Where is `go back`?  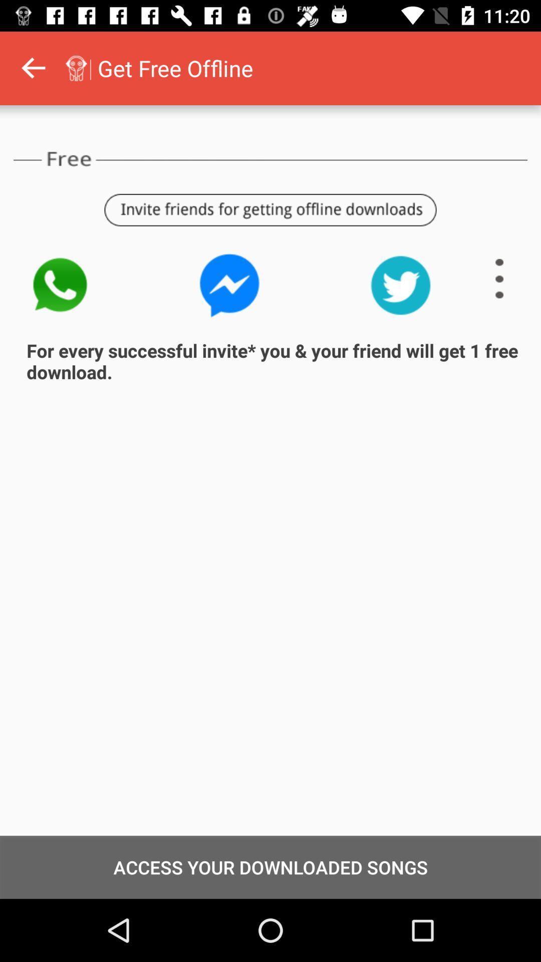
go back is located at coordinates (33, 67).